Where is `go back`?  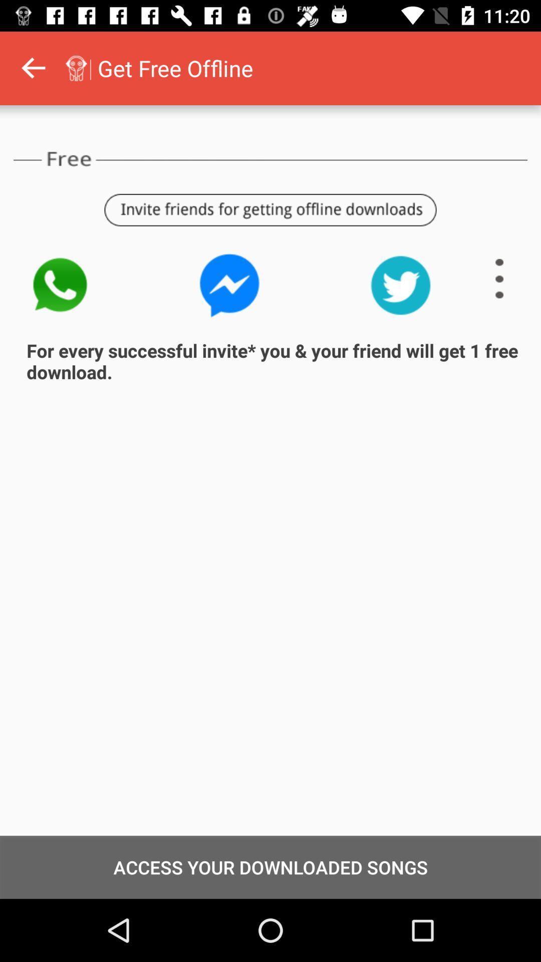
go back is located at coordinates (33, 67).